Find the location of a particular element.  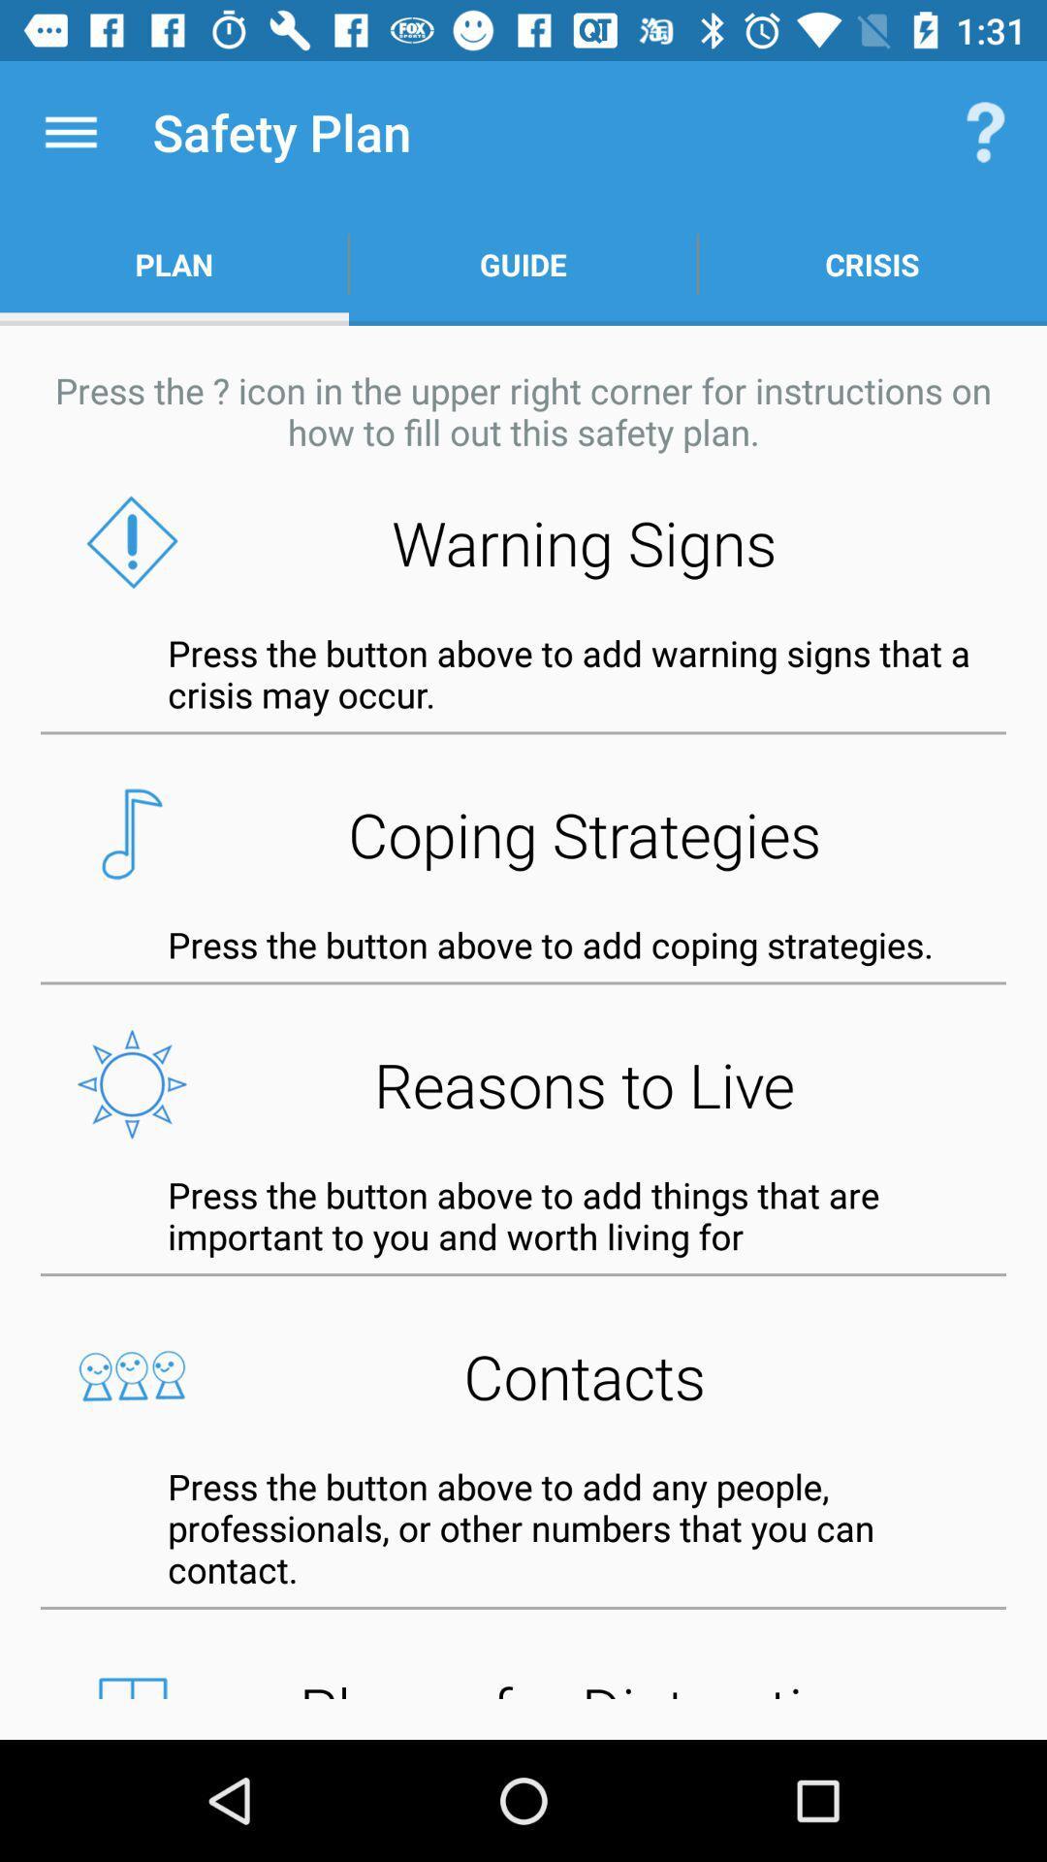

the item above the press the icon app is located at coordinates (523, 264).